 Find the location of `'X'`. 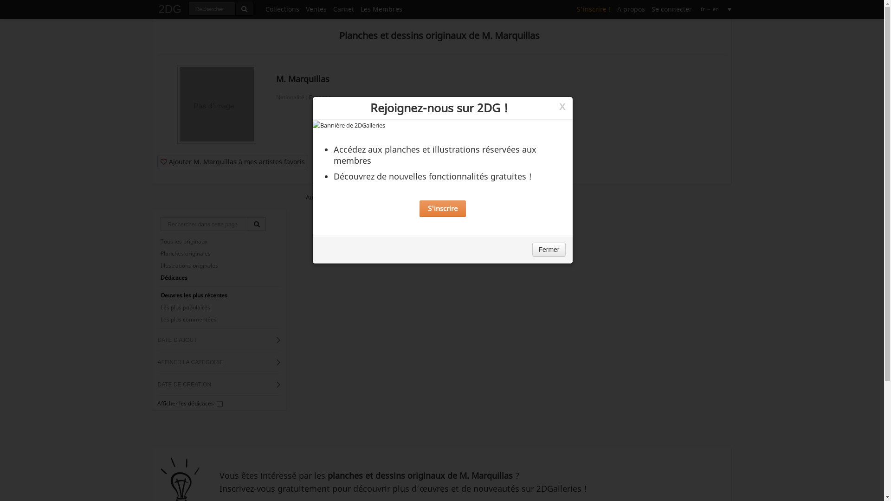

'X' is located at coordinates (562, 106).